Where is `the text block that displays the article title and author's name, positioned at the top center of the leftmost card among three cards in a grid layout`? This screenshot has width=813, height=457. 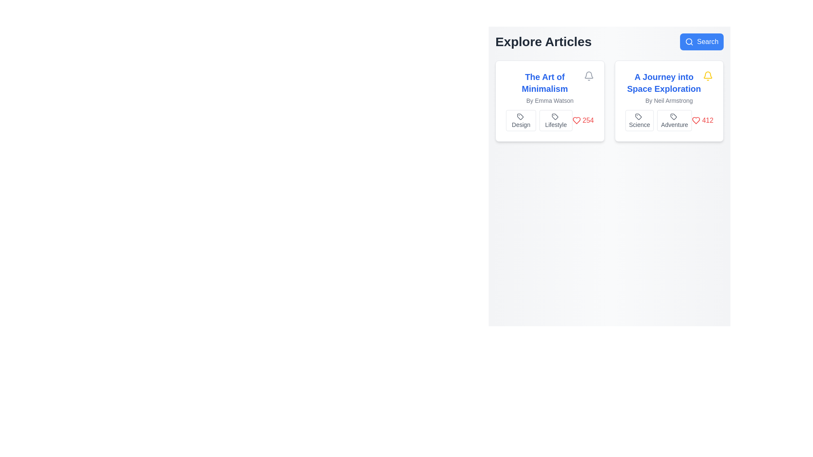
the text block that displays the article title and author's name, positioned at the top center of the leftmost card among three cards in a grid layout is located at coordinates (550, 88).